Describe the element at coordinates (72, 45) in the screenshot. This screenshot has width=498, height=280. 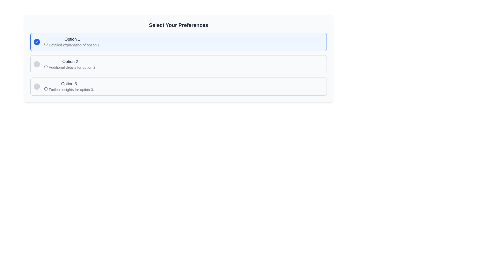
I see `the static descriptive text with an informational icon located beneath 'Option 1' in the first selectable option` at that location.